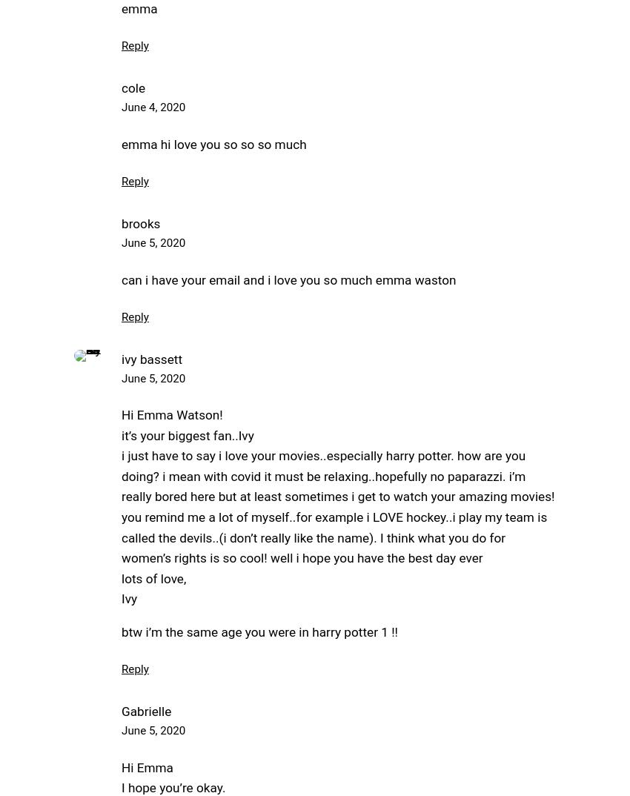 The width and height of the screenshot is (630, 796). I want to click on 'ivy bassett', so click(121, 359).